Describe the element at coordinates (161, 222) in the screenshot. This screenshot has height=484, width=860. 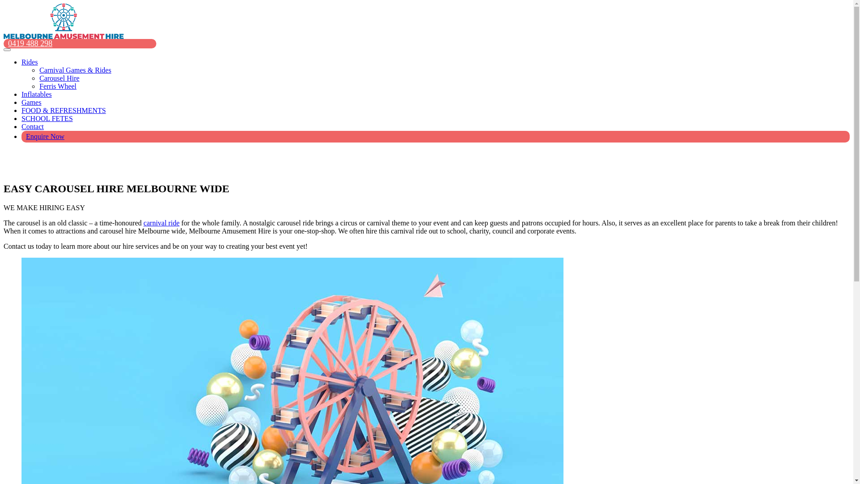
I see `'carnival ride'` at that location.